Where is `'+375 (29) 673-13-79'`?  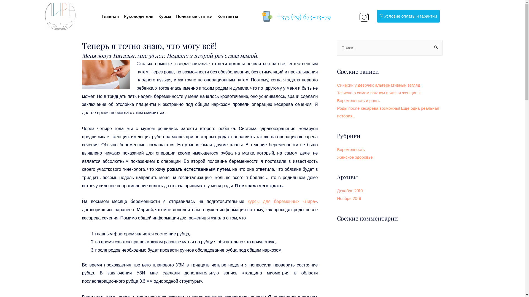 '+375 (29) 673-13-79' is located at coordinates (304, 16).